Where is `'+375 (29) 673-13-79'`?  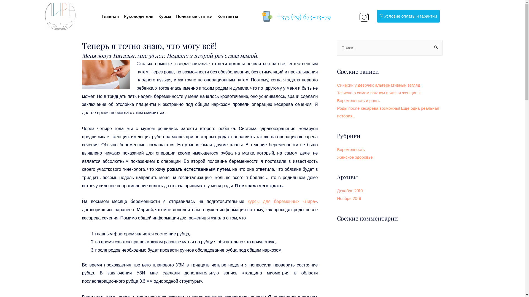 '+375 (29) 673-13-79' is located at coordinates (304, 16).